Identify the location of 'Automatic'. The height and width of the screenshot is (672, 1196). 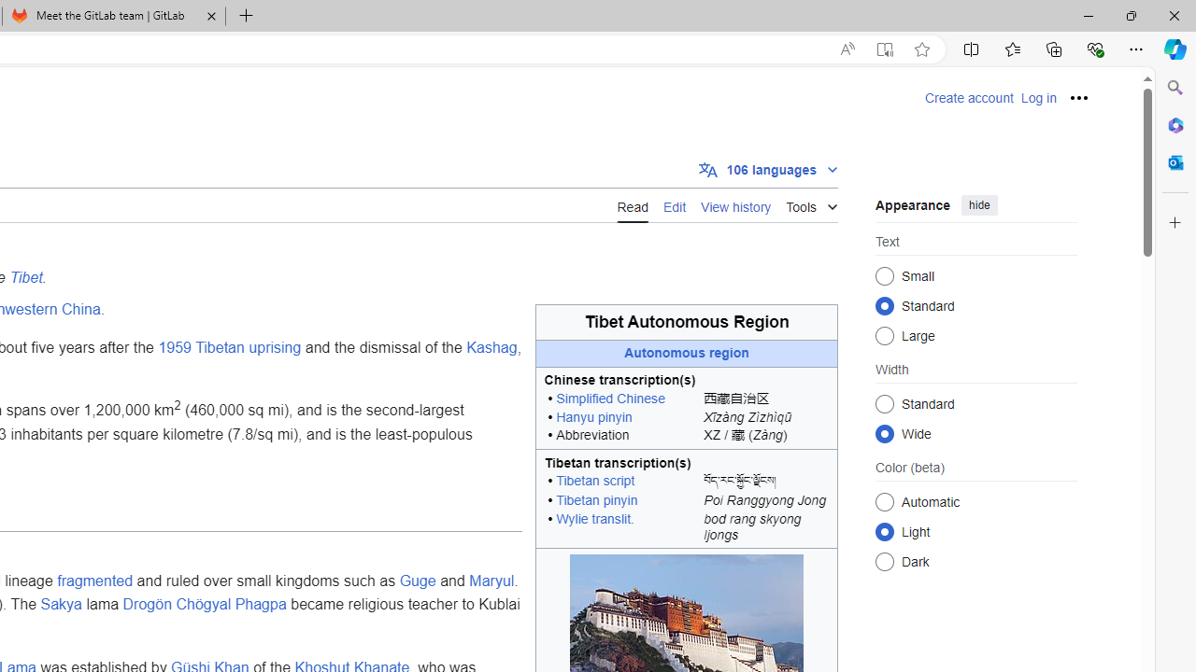
(884, 500).